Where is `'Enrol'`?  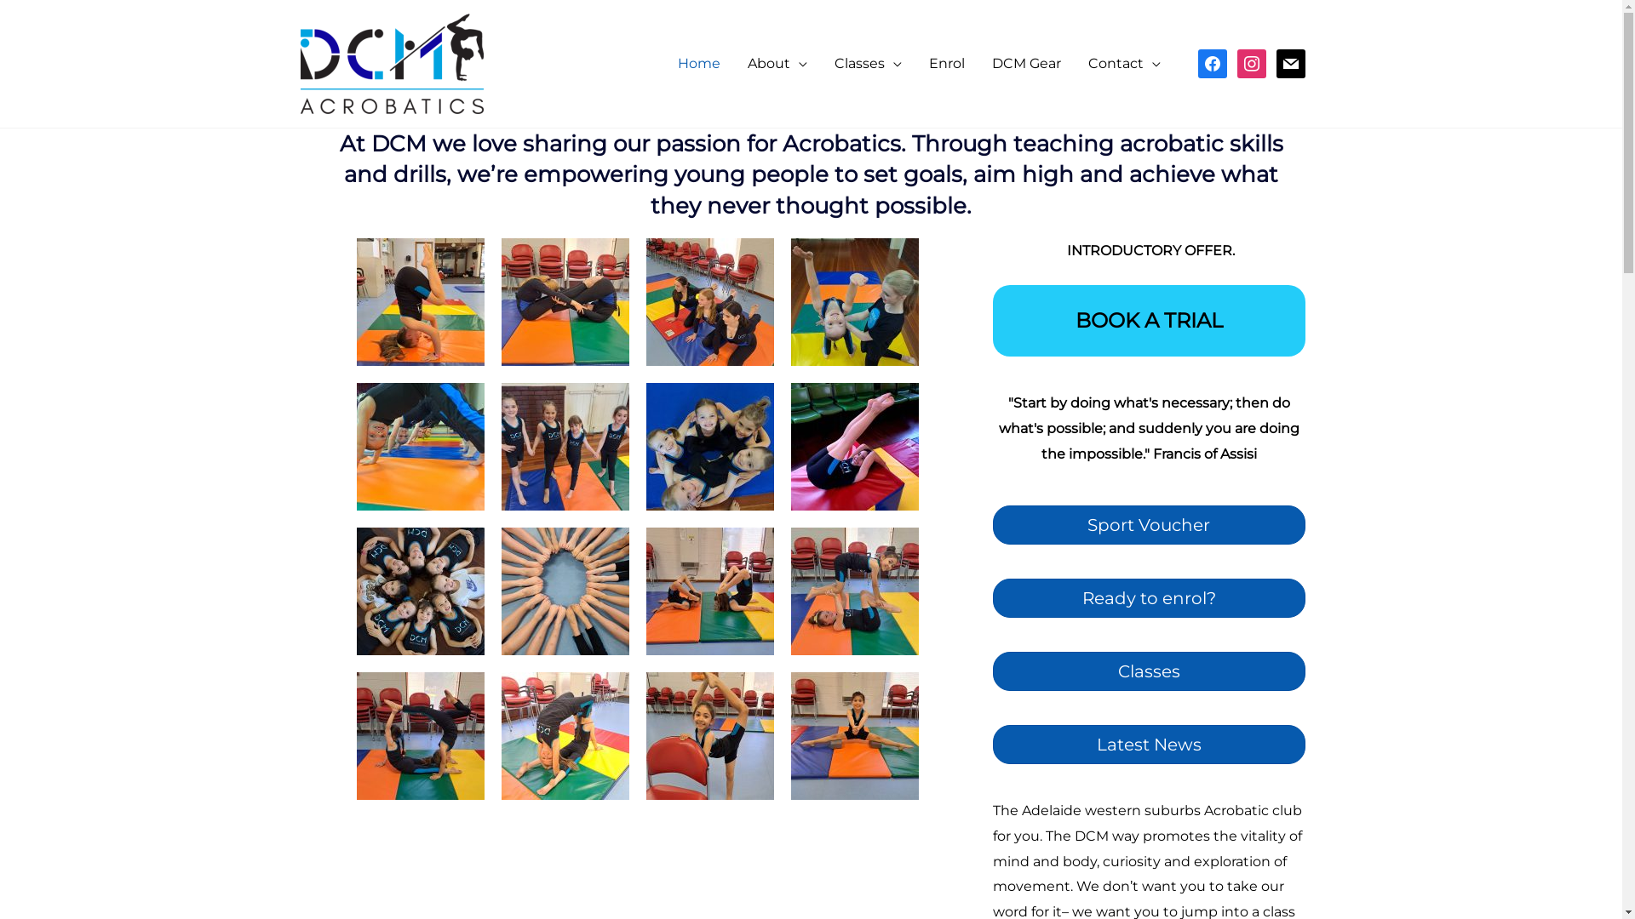
'Enrol' is located at coordinates (944, 62).